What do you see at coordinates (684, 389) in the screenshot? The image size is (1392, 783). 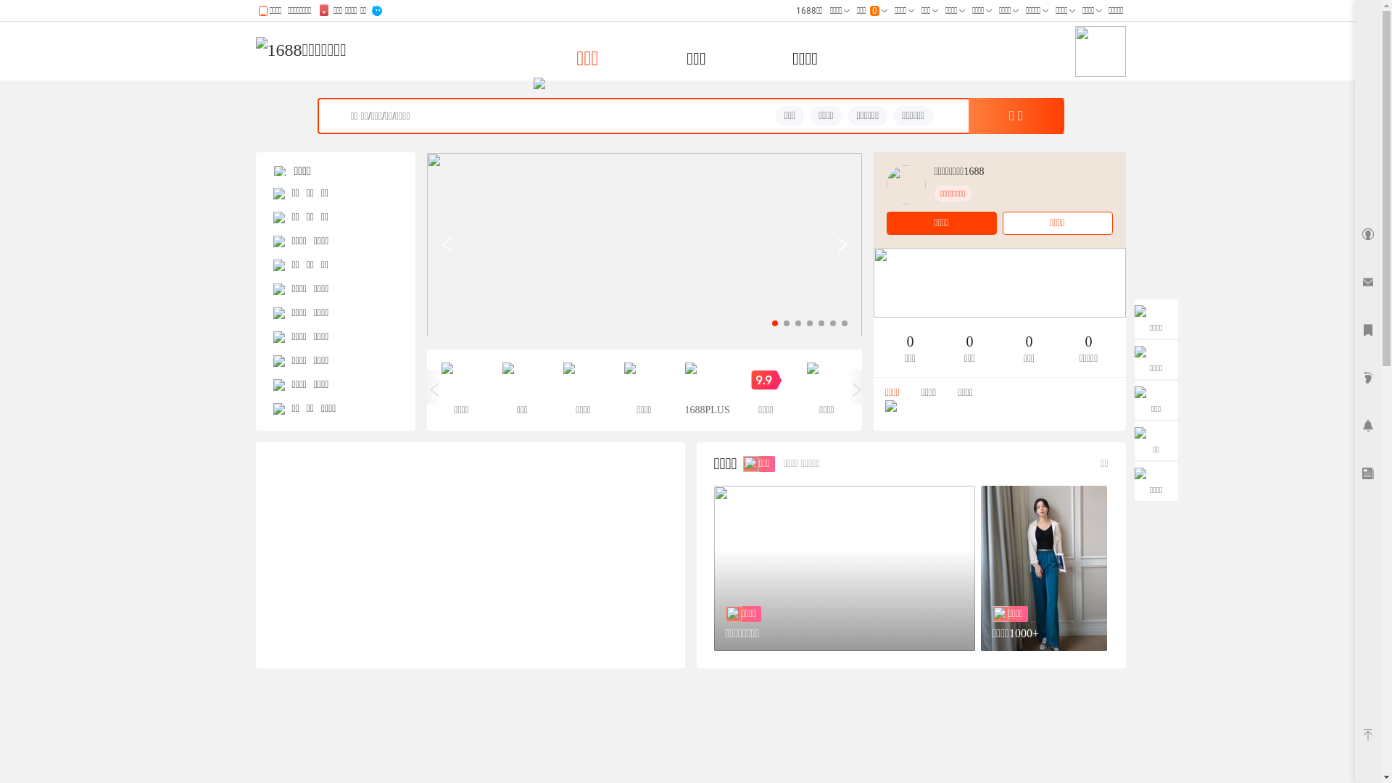 I see `'1688PLUS'` at bounding box center [684, 389].